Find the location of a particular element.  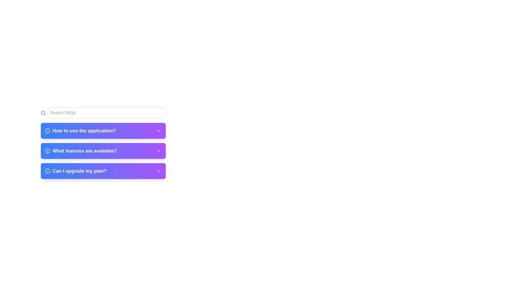

the icon element preceding the text label of the second FAQ entry labeled 'What features are available?' is located at coordinates (48, 151).